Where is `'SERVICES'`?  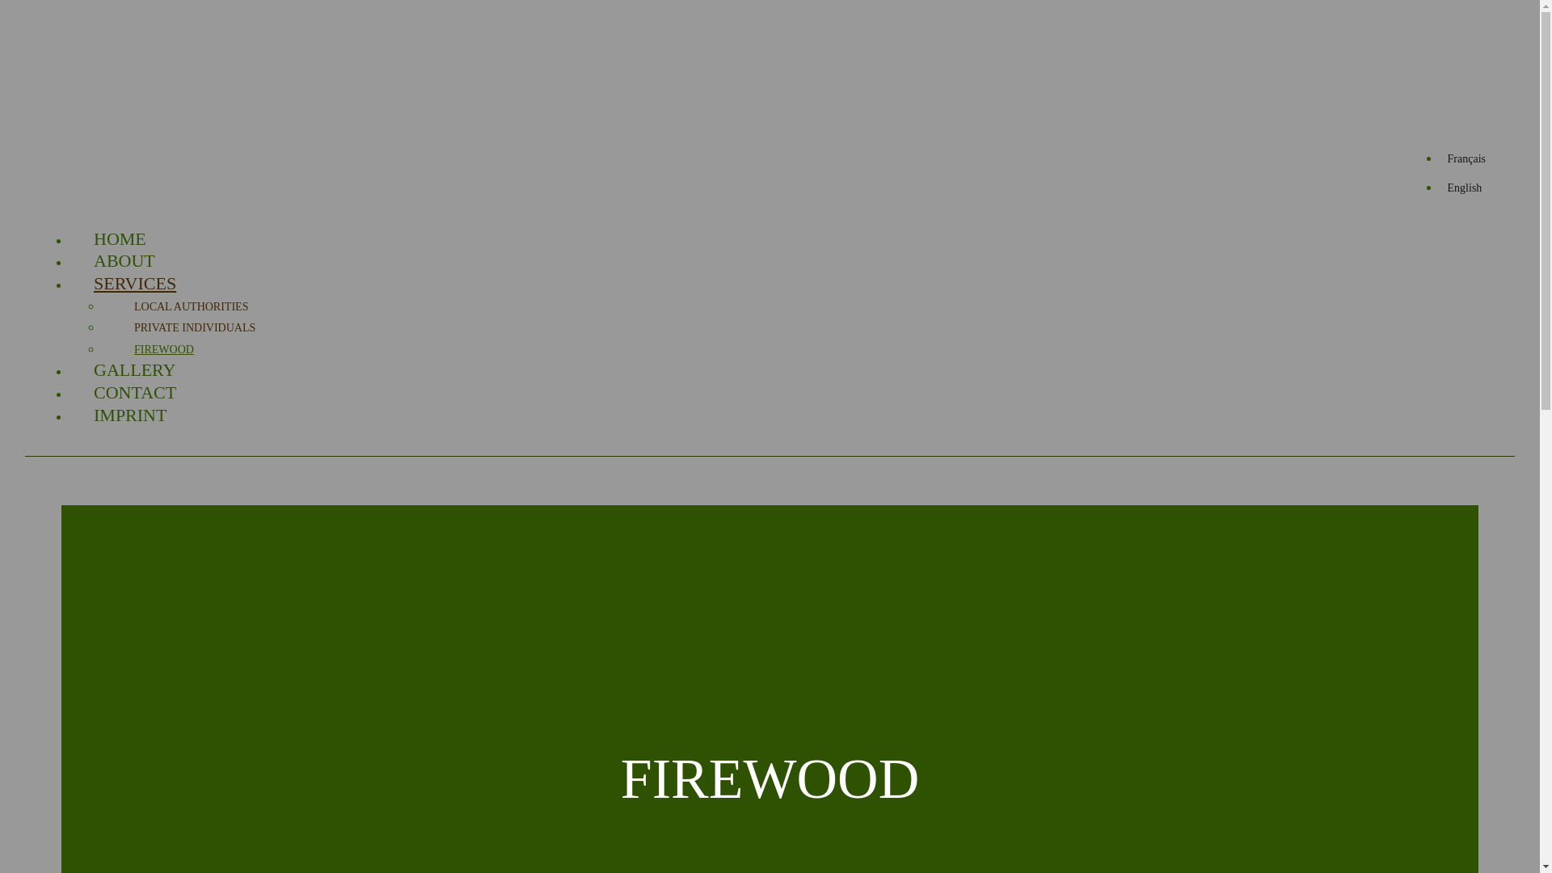 'SERVICES' is located at coordinates (135, 283).